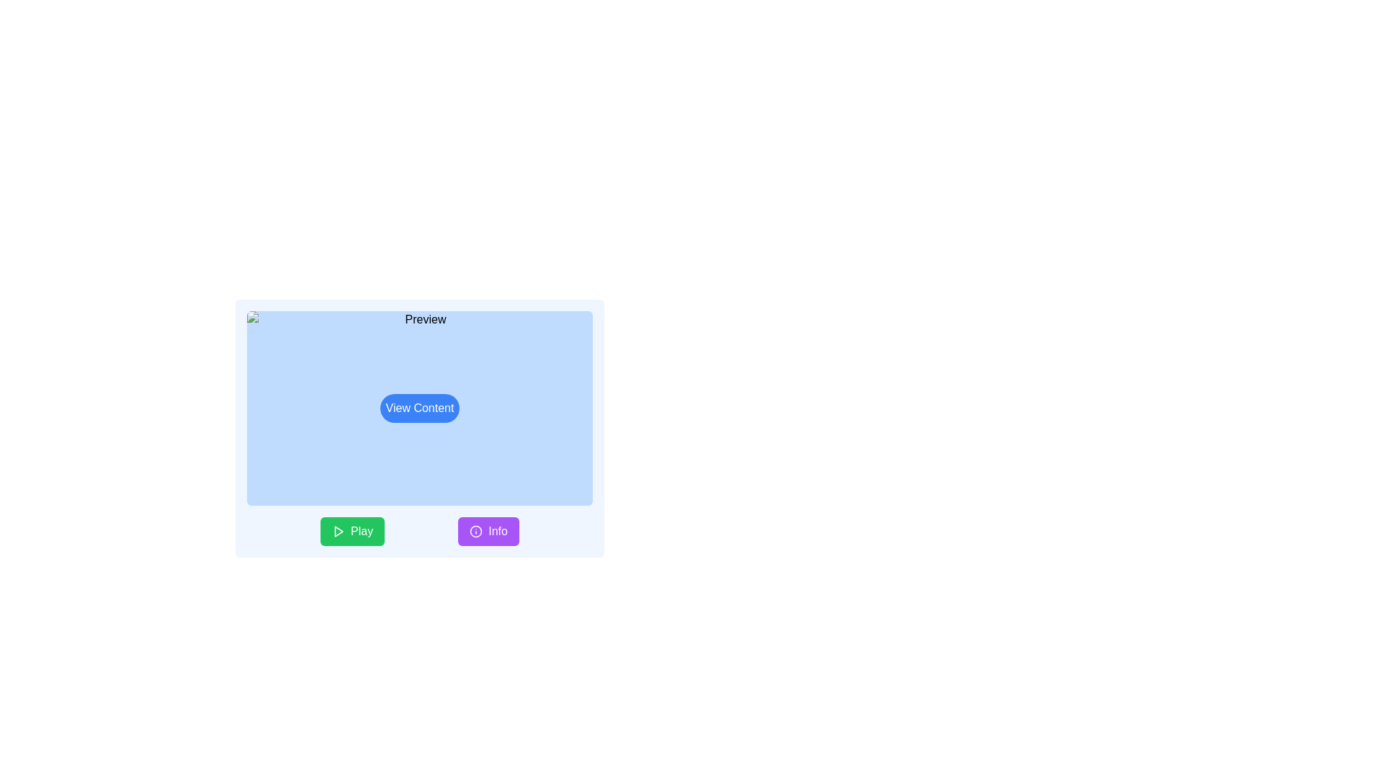  I want to click on the 'Info' button's SVG icon located at the lower right of the interface, which indicates informational content, so click(476, 531).